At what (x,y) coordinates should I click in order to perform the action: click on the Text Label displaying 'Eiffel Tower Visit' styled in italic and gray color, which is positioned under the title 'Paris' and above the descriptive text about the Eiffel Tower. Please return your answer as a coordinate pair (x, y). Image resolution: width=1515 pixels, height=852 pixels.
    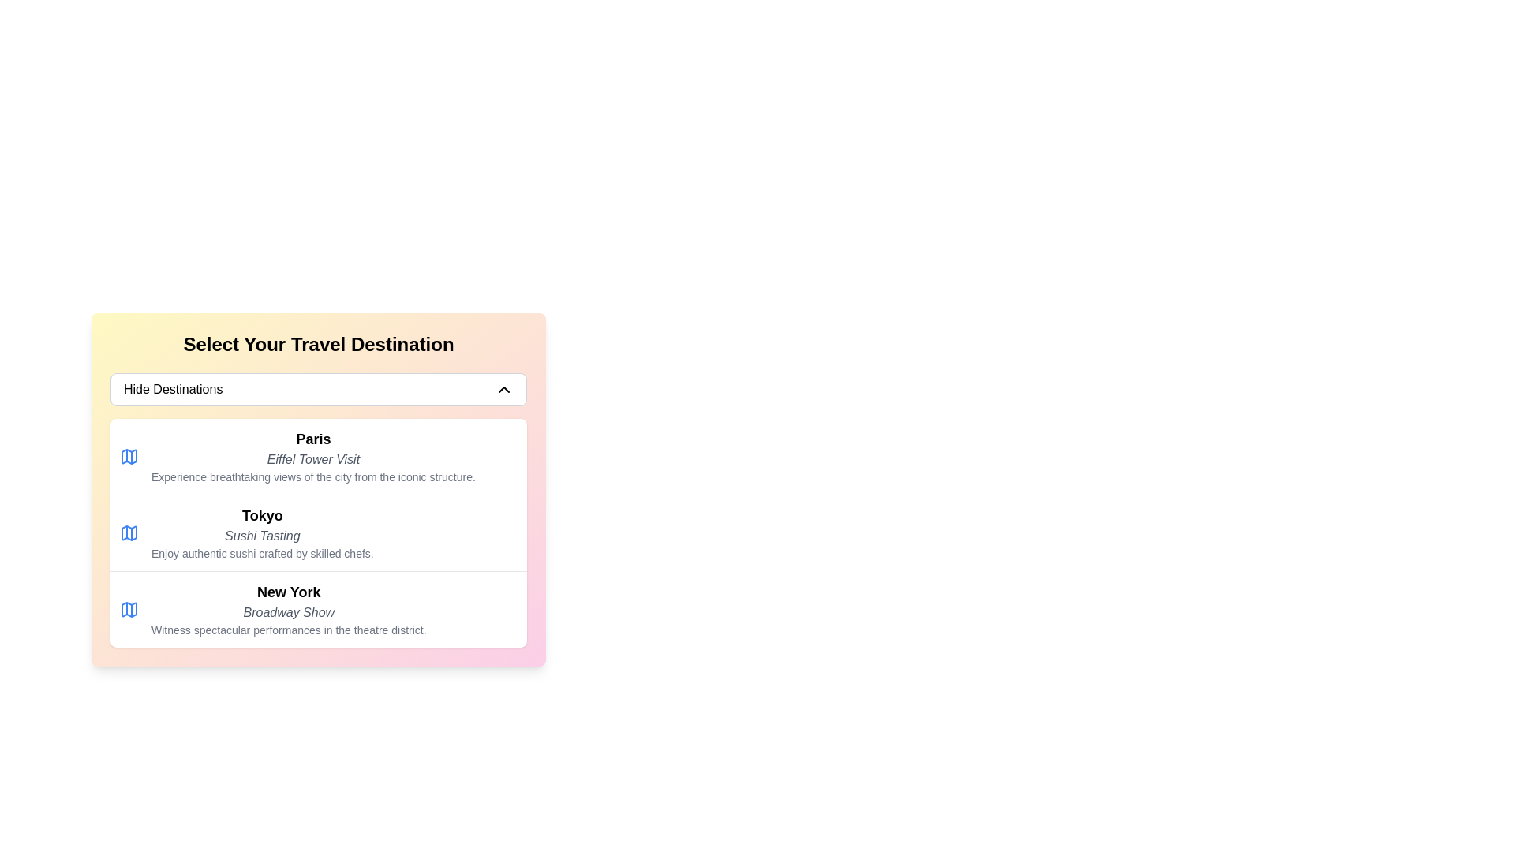
    Looking at the image, I should click on (313, 459).